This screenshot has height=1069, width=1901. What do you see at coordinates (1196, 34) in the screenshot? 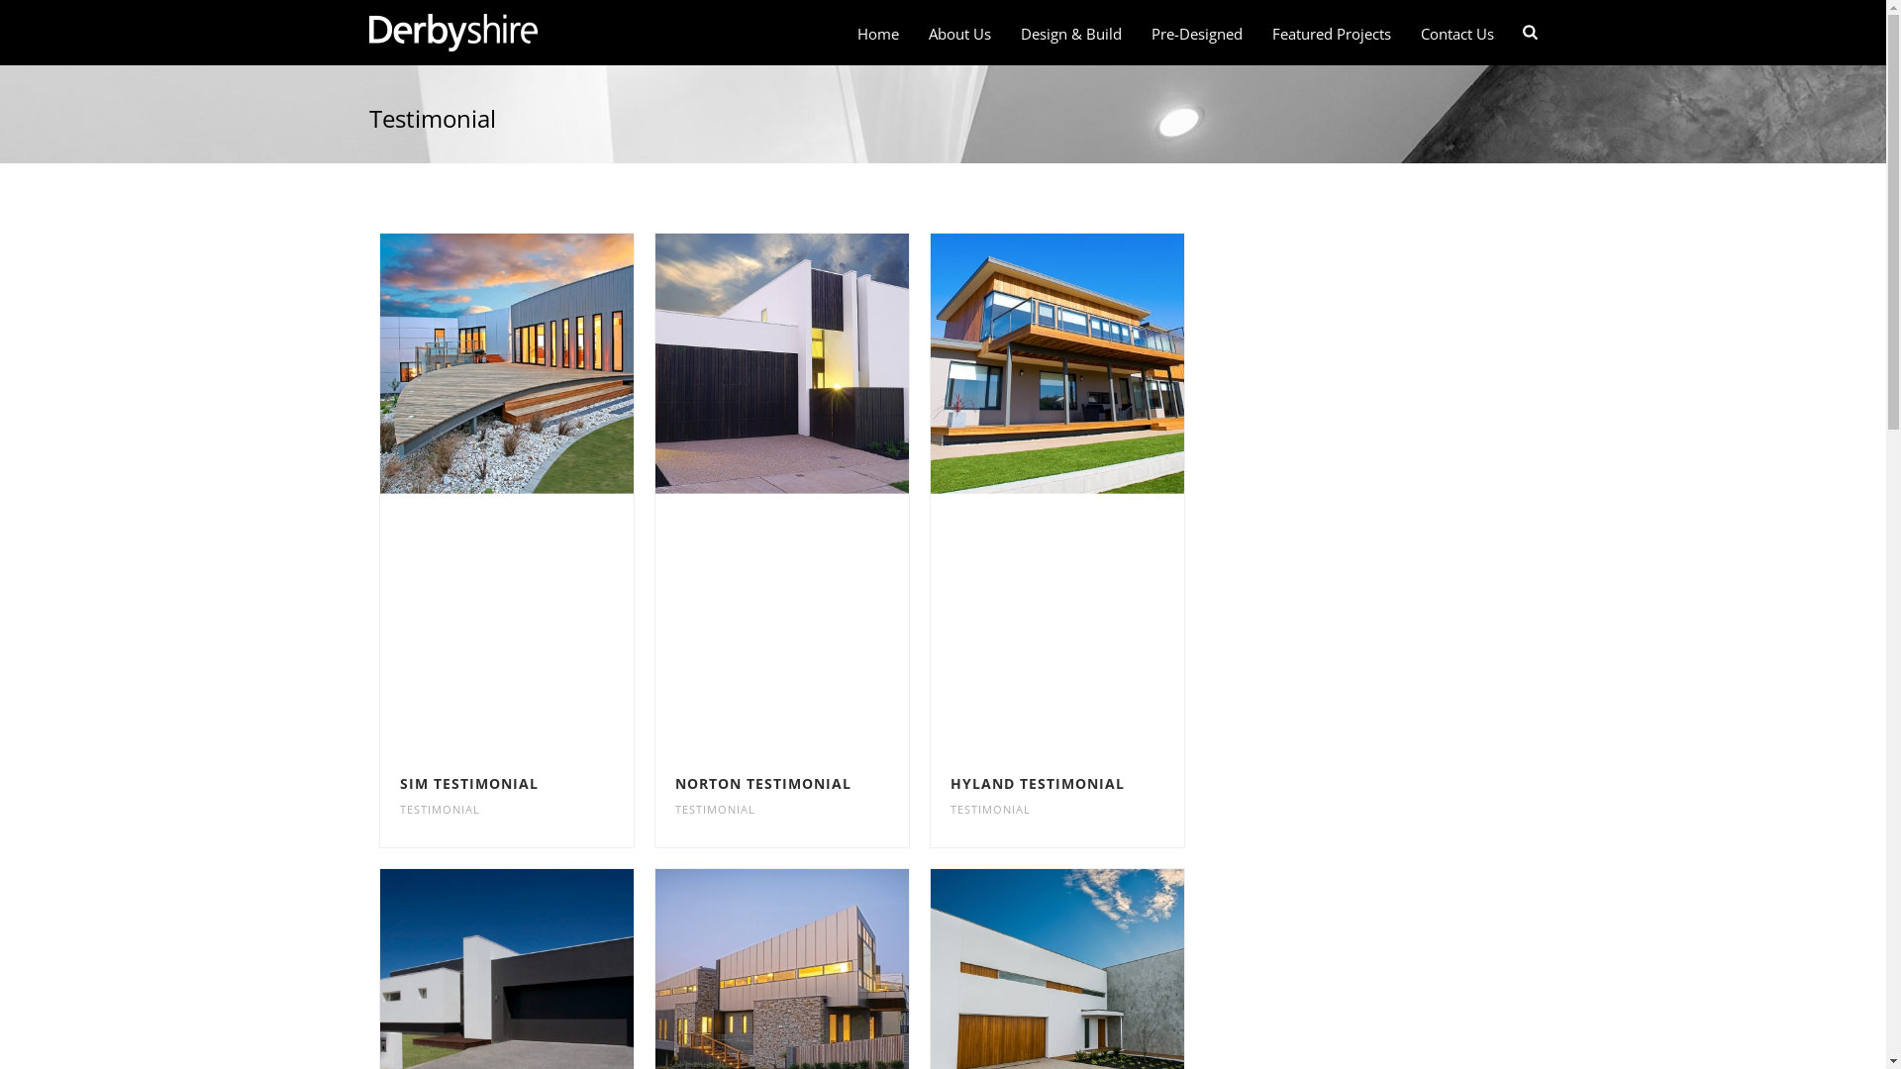
I see `'Pre-Designed'` at bounding box center [1196, 34].